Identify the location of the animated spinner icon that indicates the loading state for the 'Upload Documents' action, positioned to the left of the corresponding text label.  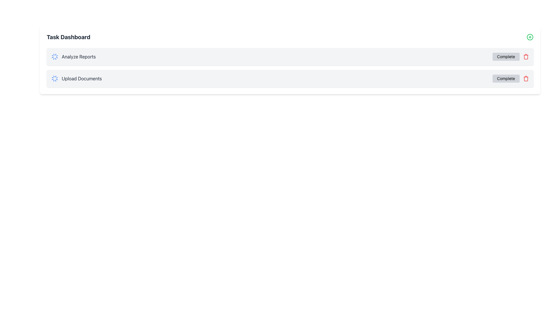
(55, 79).